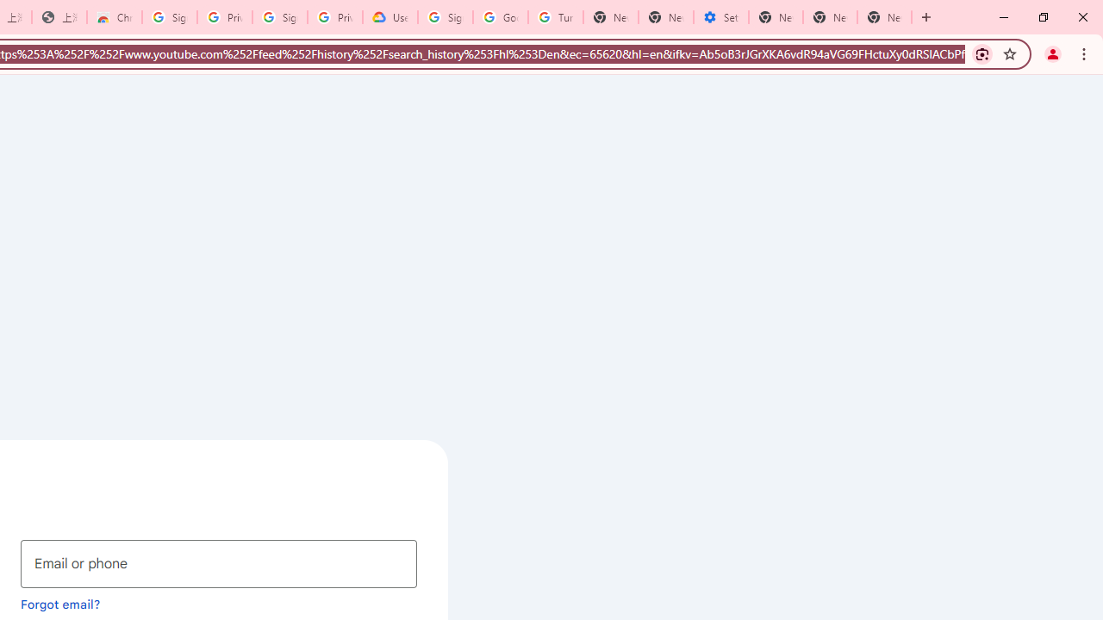  Describe the element at coordinates (218, 563) in the screenshot. I see `'Email or phone'` at that location.